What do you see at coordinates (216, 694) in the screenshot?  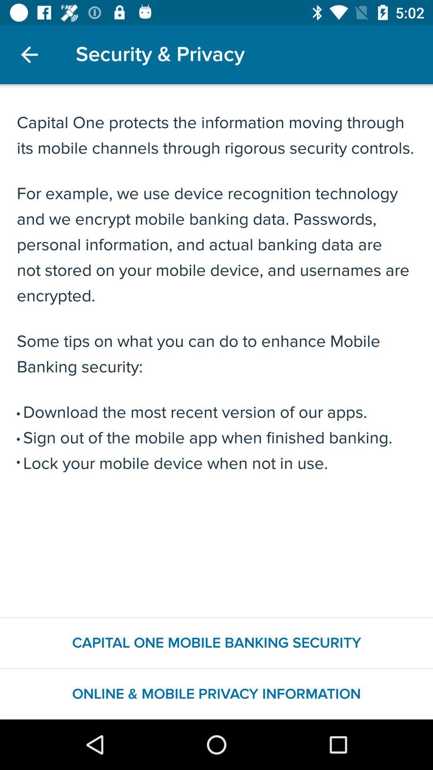 I see `online mobile privacy item` at bounding box center [216, 694].